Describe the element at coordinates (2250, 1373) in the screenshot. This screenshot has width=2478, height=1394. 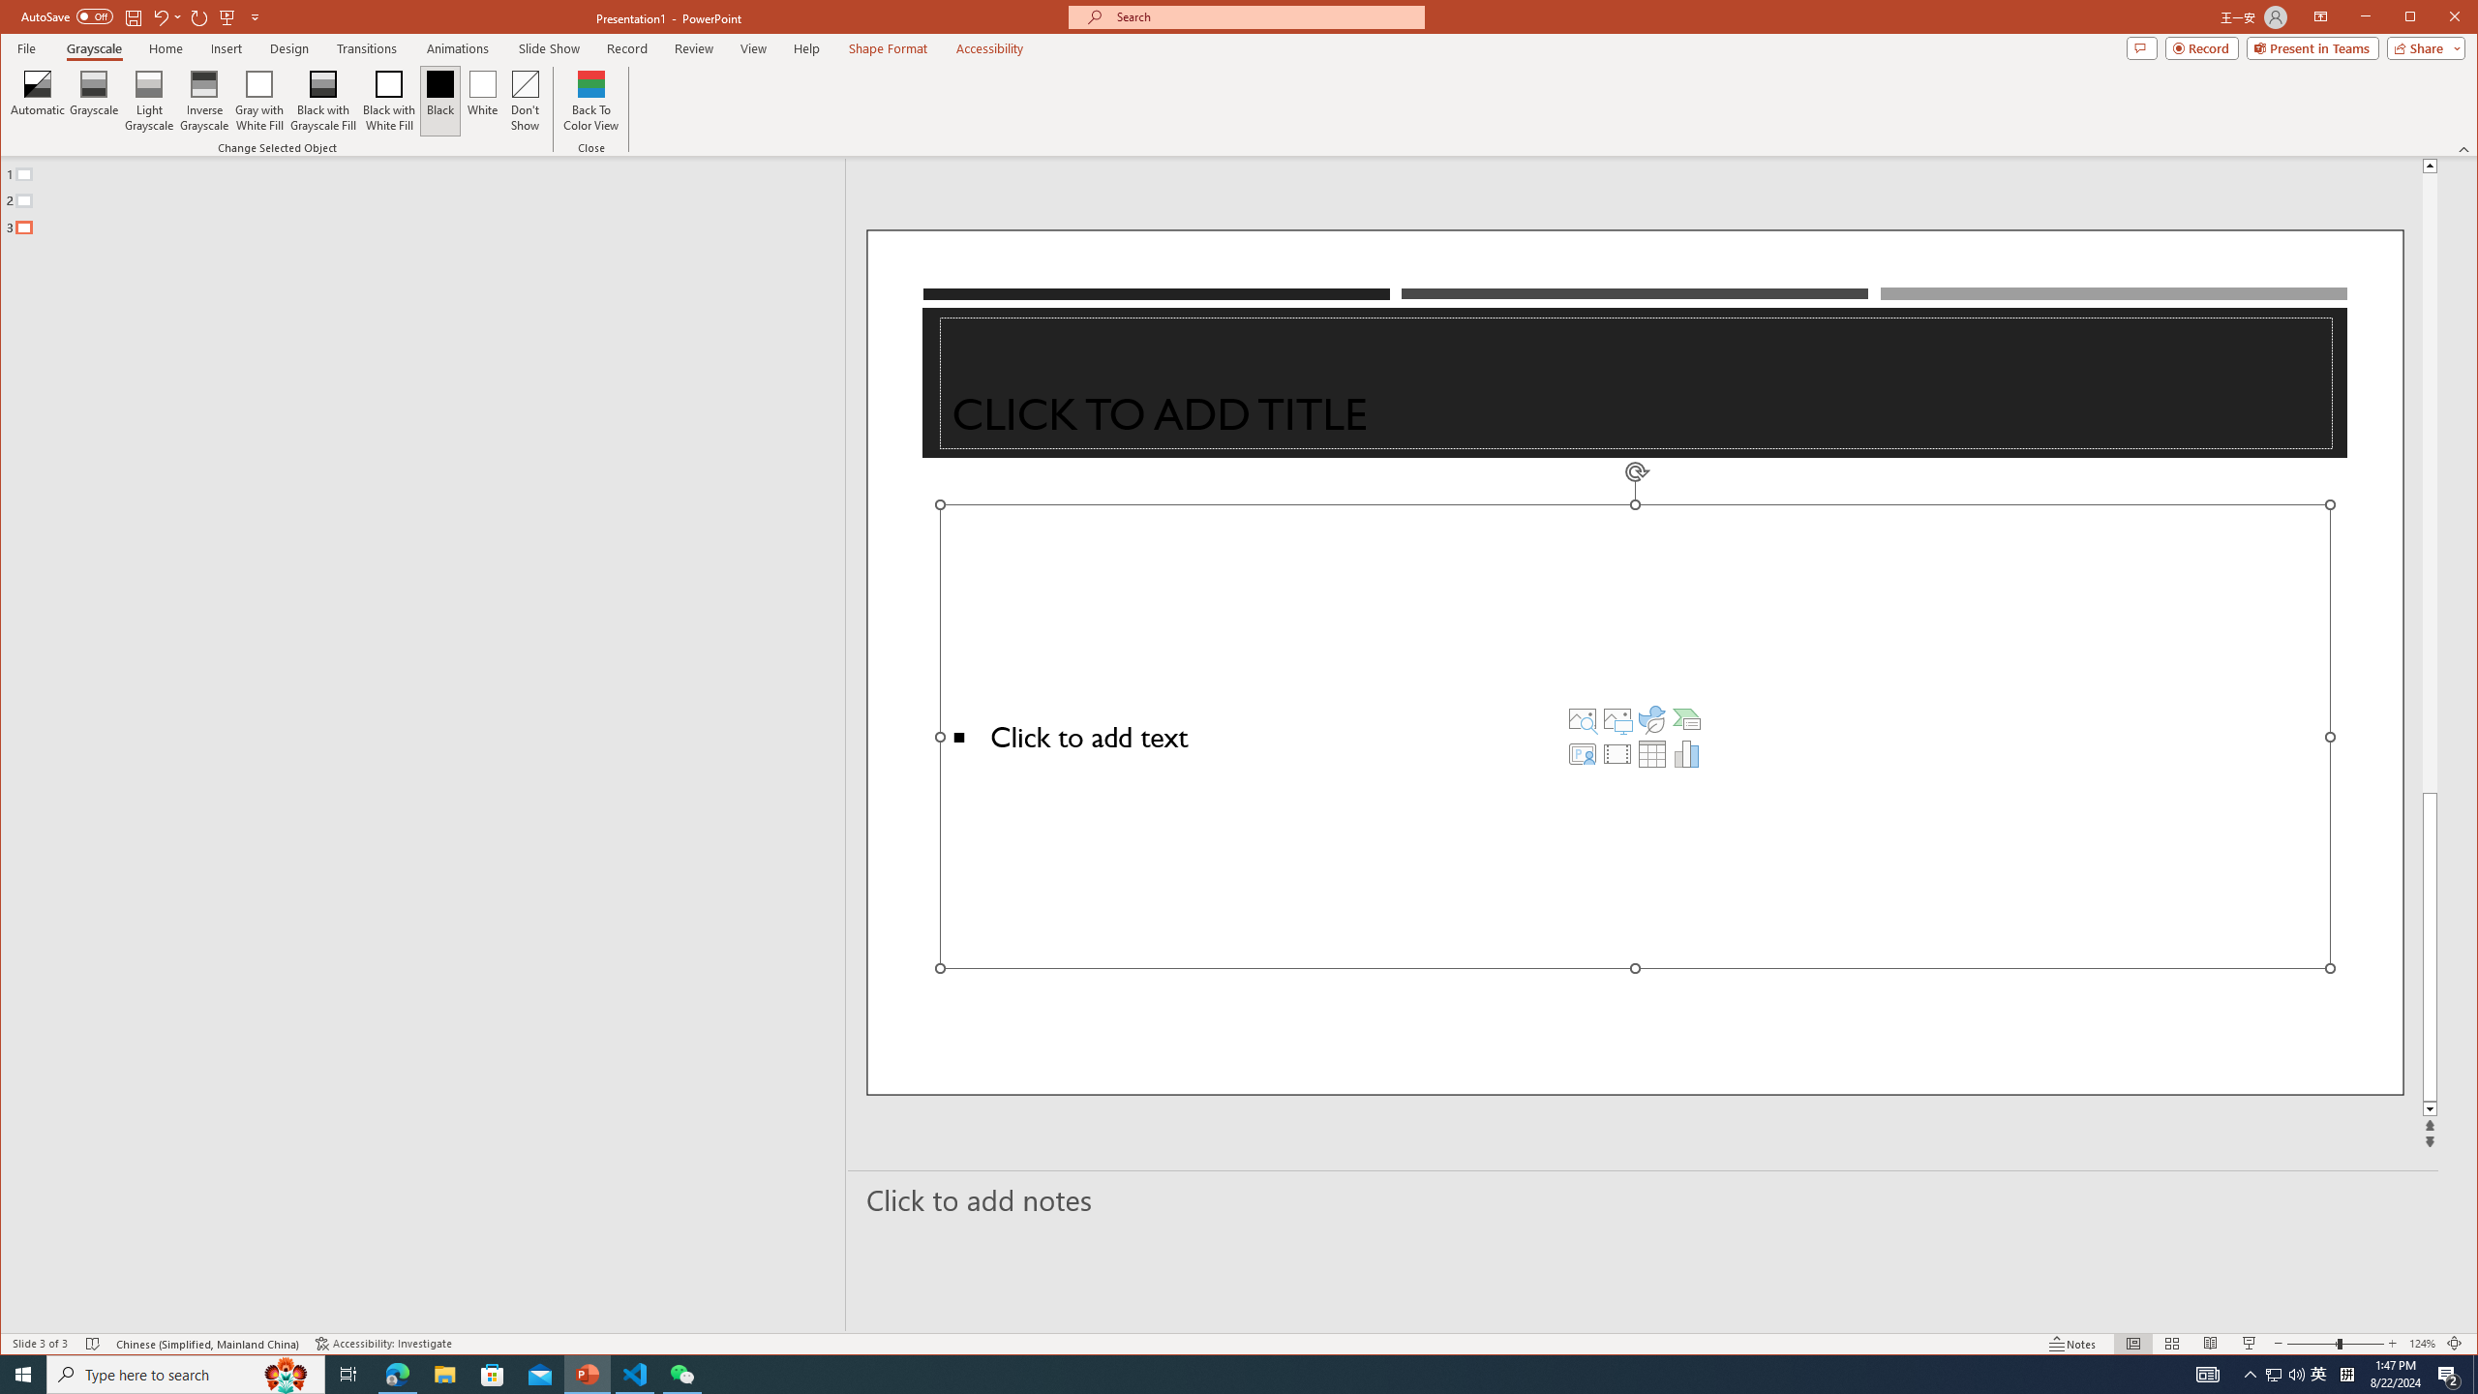
I see `'Notification Chevron'` at that location.